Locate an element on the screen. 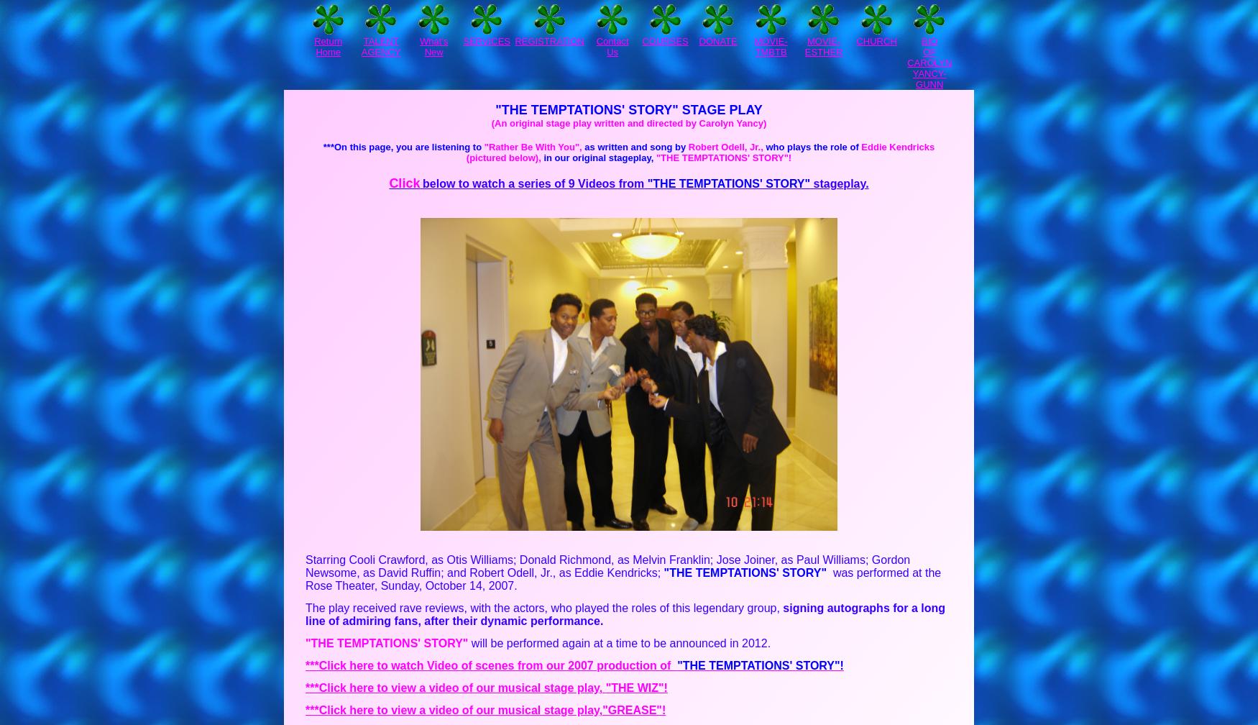 This screenshot has height=725, width=1258. 'COURSES' is located at coordinates (664, 41).